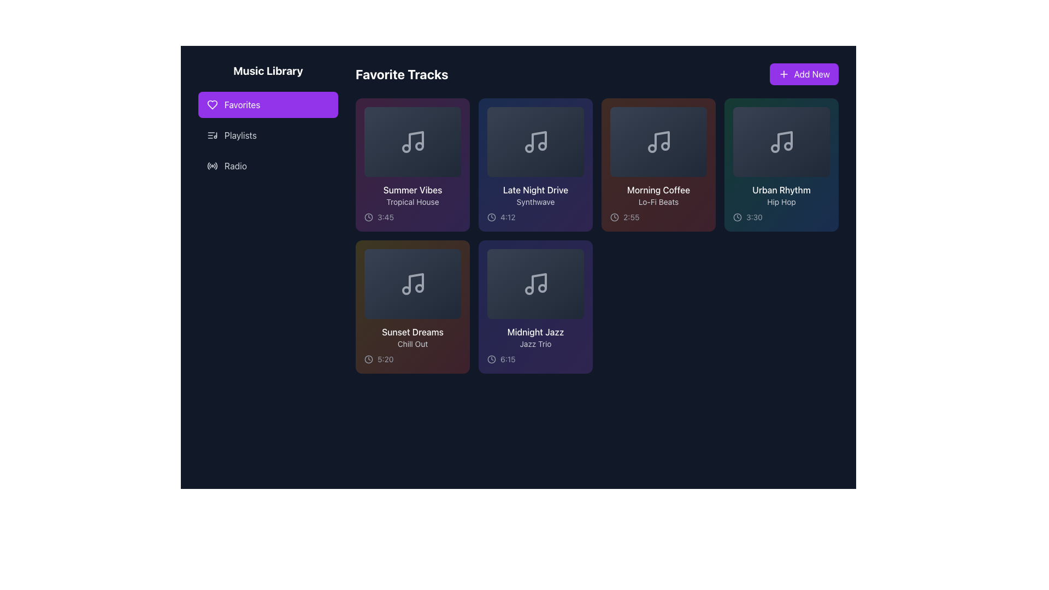 This screenshot has width=1049, height=590. I want to click on the small circular button located in the top-right corner of the 'Morning Coffee' card in the 'Favorite Tracks' section, so click(700, 114).